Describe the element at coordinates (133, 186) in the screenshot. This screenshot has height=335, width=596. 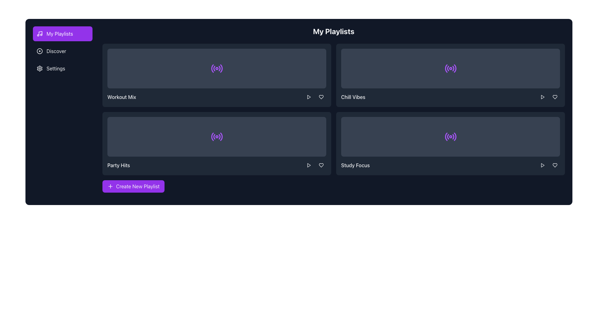
I see `the purple rectangular button labeled 'Create New Playlist'` at that location.